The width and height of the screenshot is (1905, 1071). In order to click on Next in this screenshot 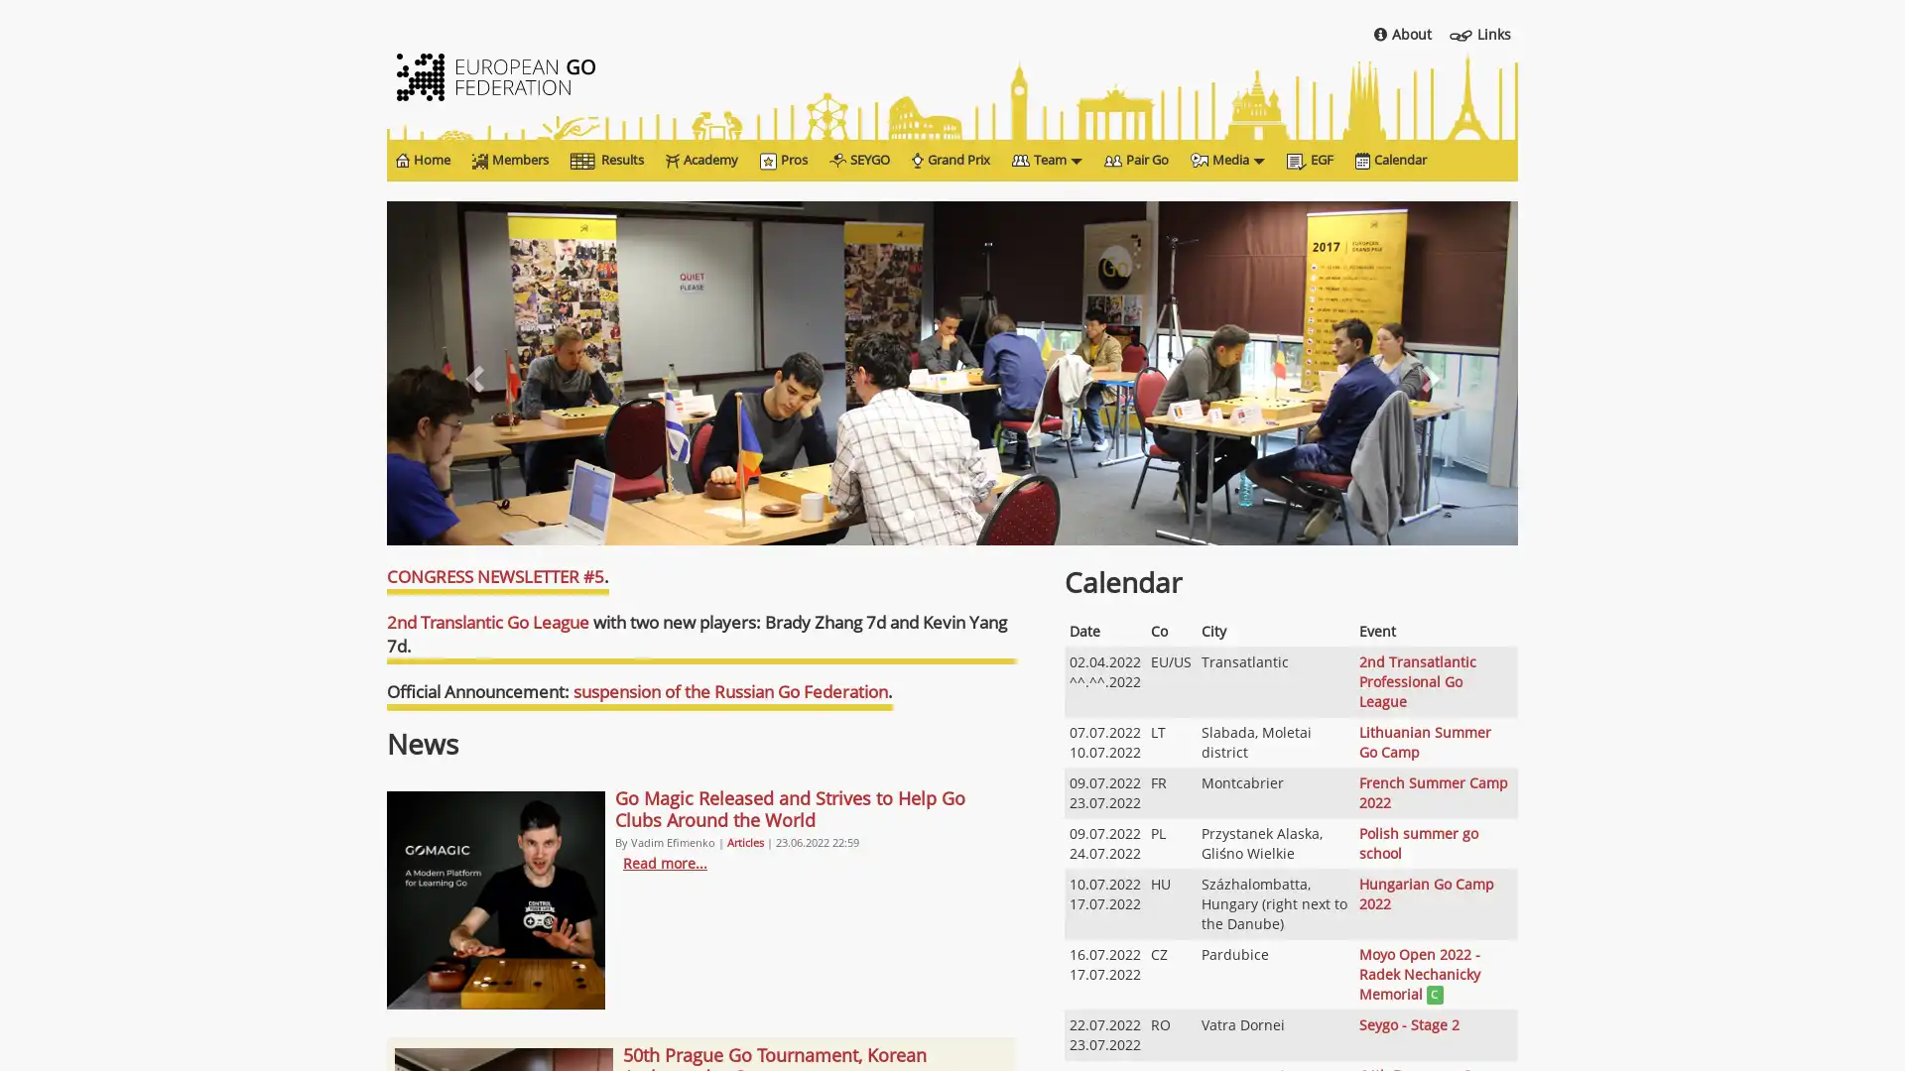, I will do `click(1433, 372)`.